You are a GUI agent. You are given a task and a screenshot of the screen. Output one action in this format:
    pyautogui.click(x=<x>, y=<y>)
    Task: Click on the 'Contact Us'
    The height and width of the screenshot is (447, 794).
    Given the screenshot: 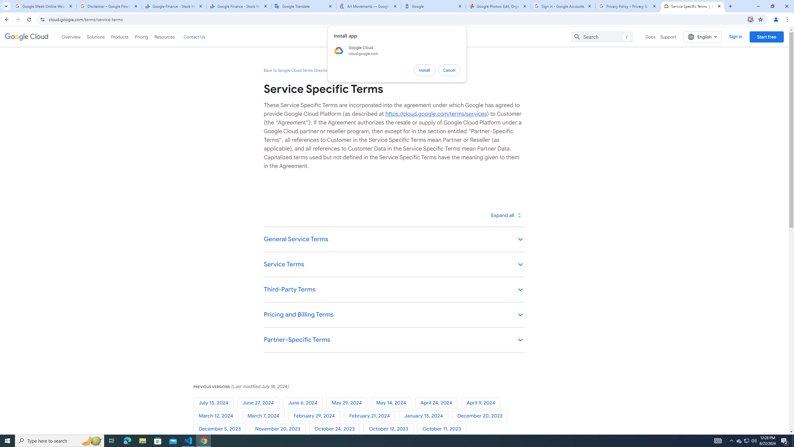 What is the action you would take?
    pyautogui.click(x=194, y=37)
    